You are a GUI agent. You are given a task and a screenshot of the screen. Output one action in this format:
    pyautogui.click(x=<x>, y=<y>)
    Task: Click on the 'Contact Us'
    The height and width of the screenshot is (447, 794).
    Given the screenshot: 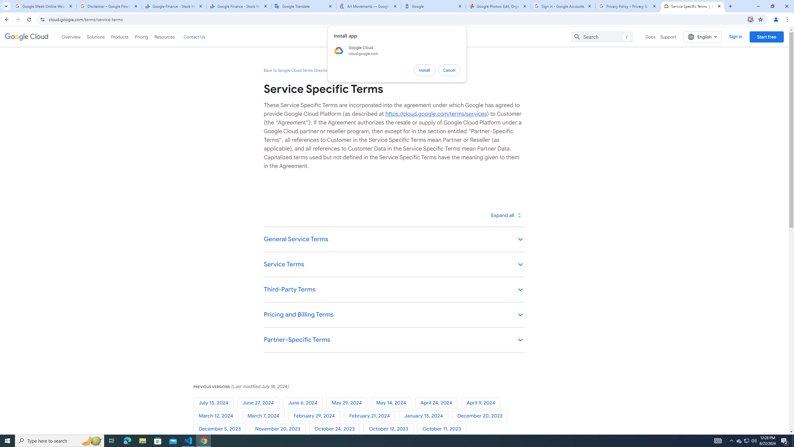 What is the action you would take?
    pyautogui.click(x=194, y=37)
    